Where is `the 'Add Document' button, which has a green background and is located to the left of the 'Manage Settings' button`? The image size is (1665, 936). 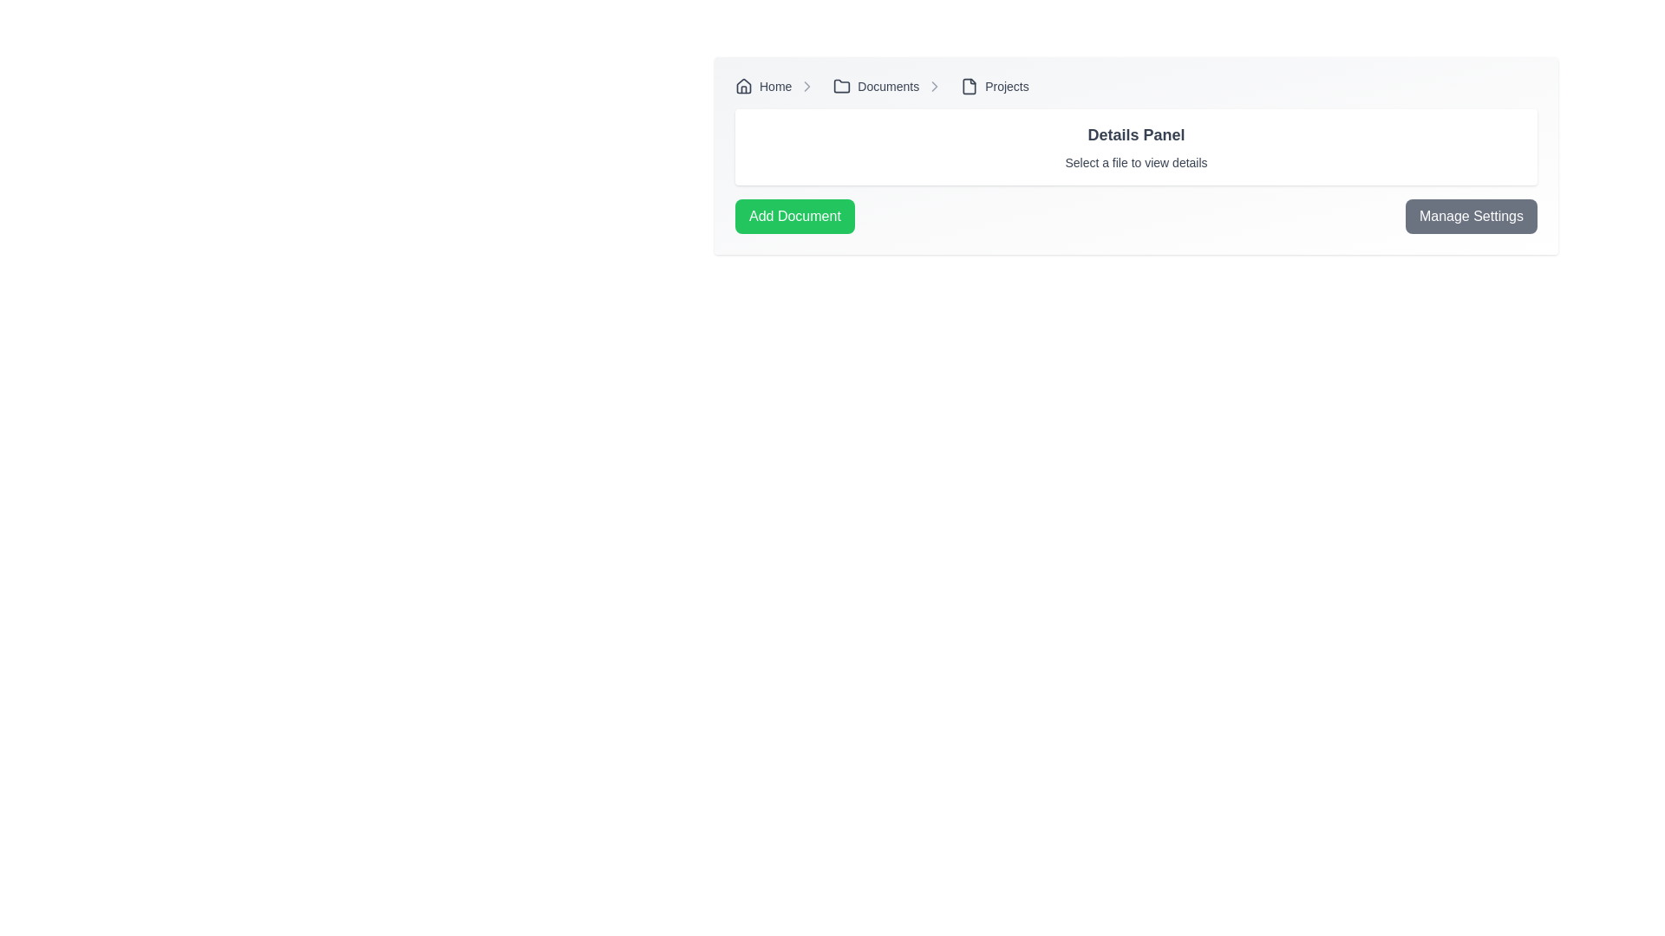
the 'Add Document' button, which has a green background and is located to the left of the 'Manage Settings' button is located at coordinates (793, 216).